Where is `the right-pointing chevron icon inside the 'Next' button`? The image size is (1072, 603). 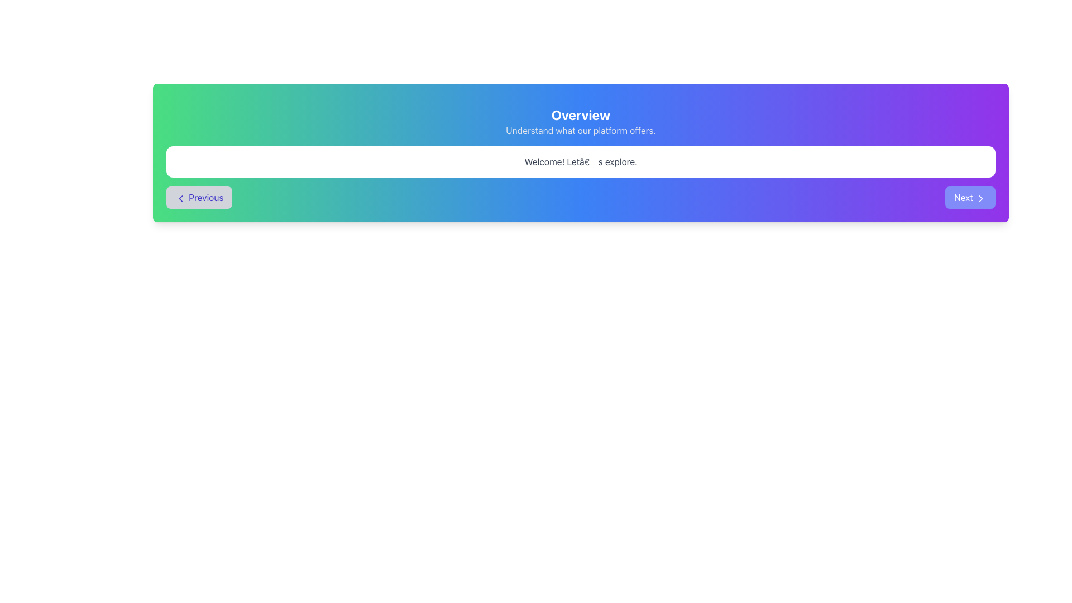
the right-pointing chevron icon inside the 'Next' button is located at coordinates (980, 197).